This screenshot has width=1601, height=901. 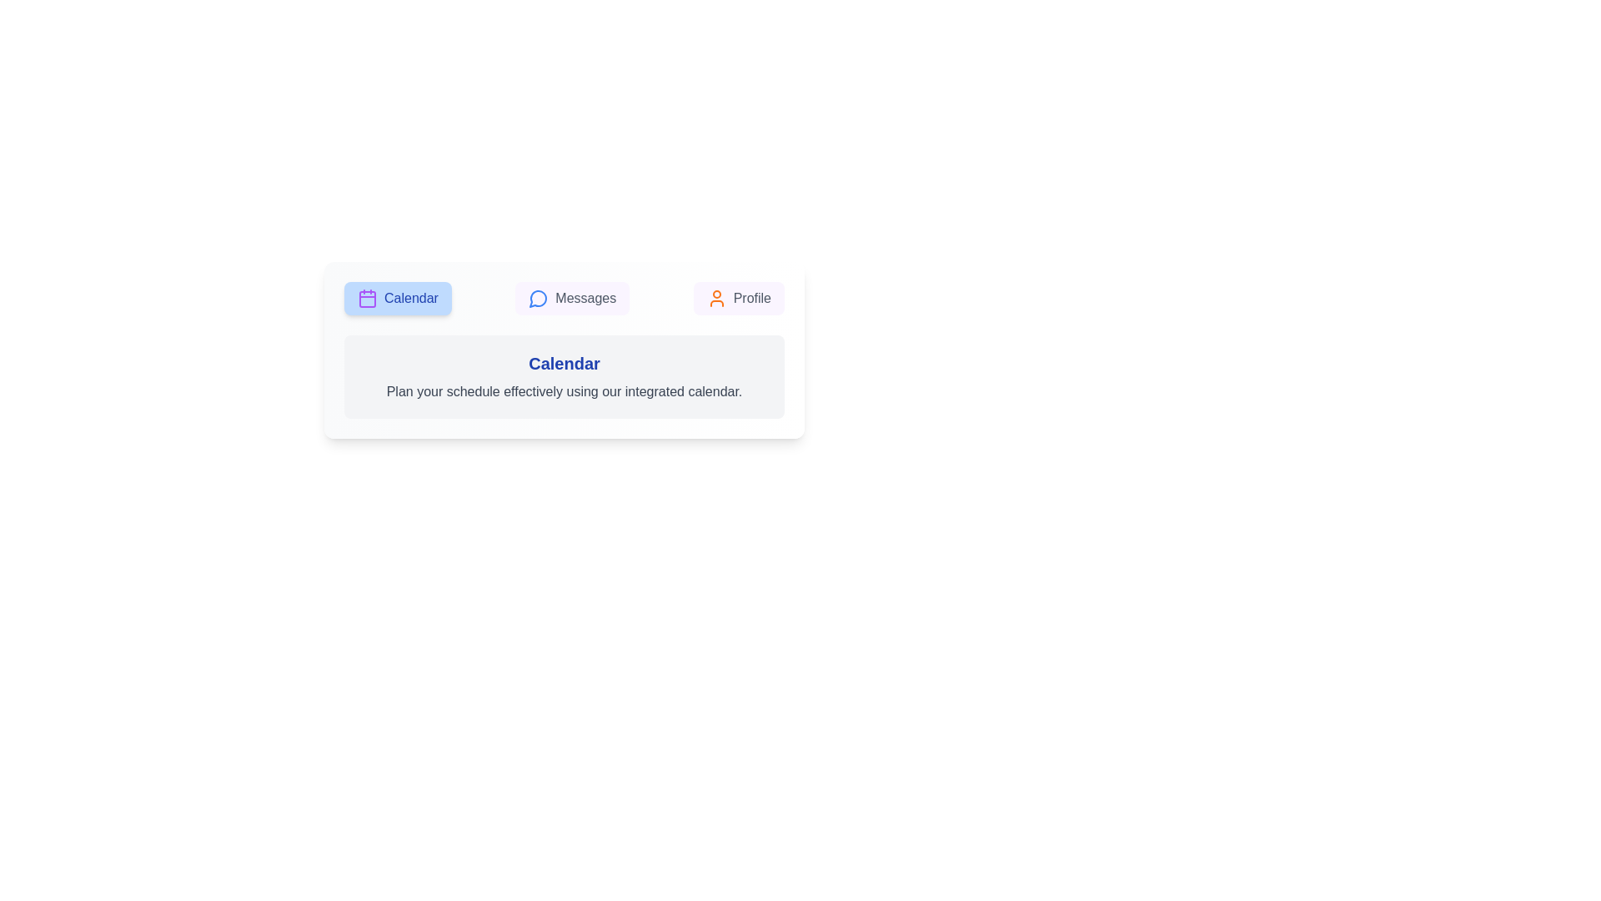 What do you see at coordinates (572, 298) in the screenshot?
I see `the Messages tab by clicking its button` at bounding box center [572, 298].